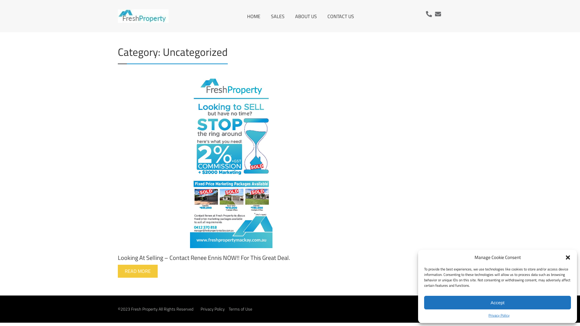 The width and height of the screenshot is (580, 326). I want to click on 'HOME', so click(247, 16).